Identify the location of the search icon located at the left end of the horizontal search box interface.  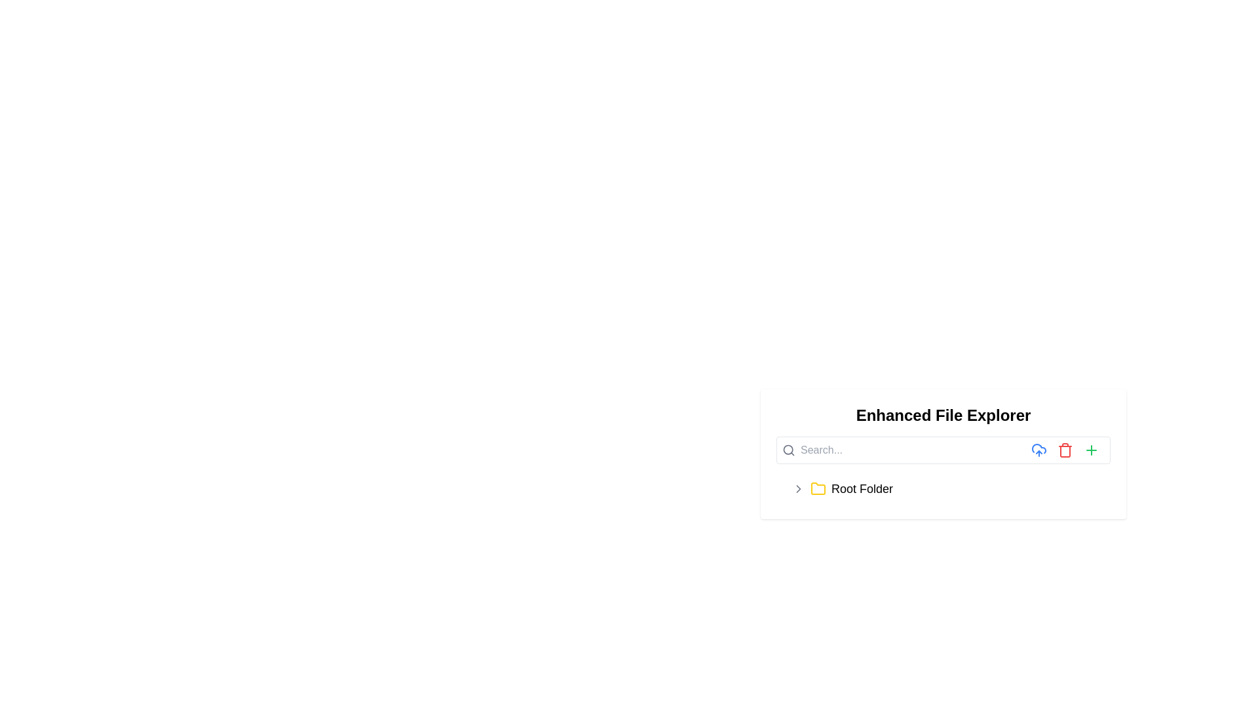
(788, 449).